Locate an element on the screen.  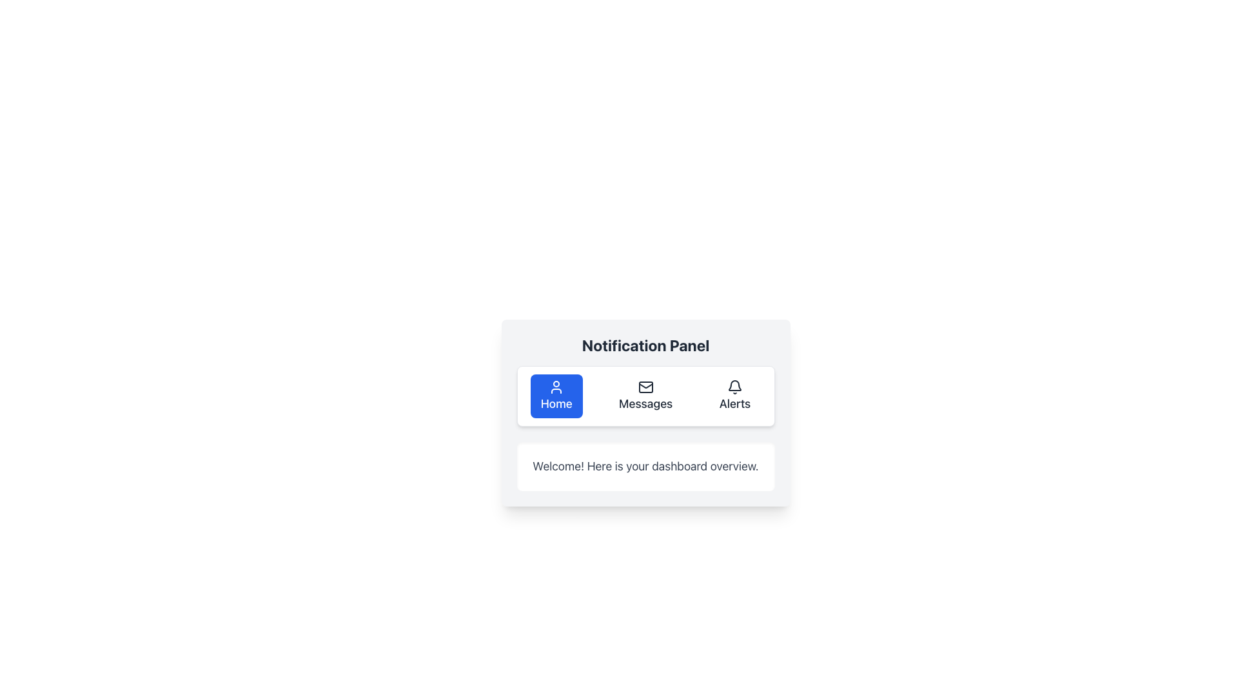
the active 'Home' button in the Notification Panel is located at coordinates (556, 395).